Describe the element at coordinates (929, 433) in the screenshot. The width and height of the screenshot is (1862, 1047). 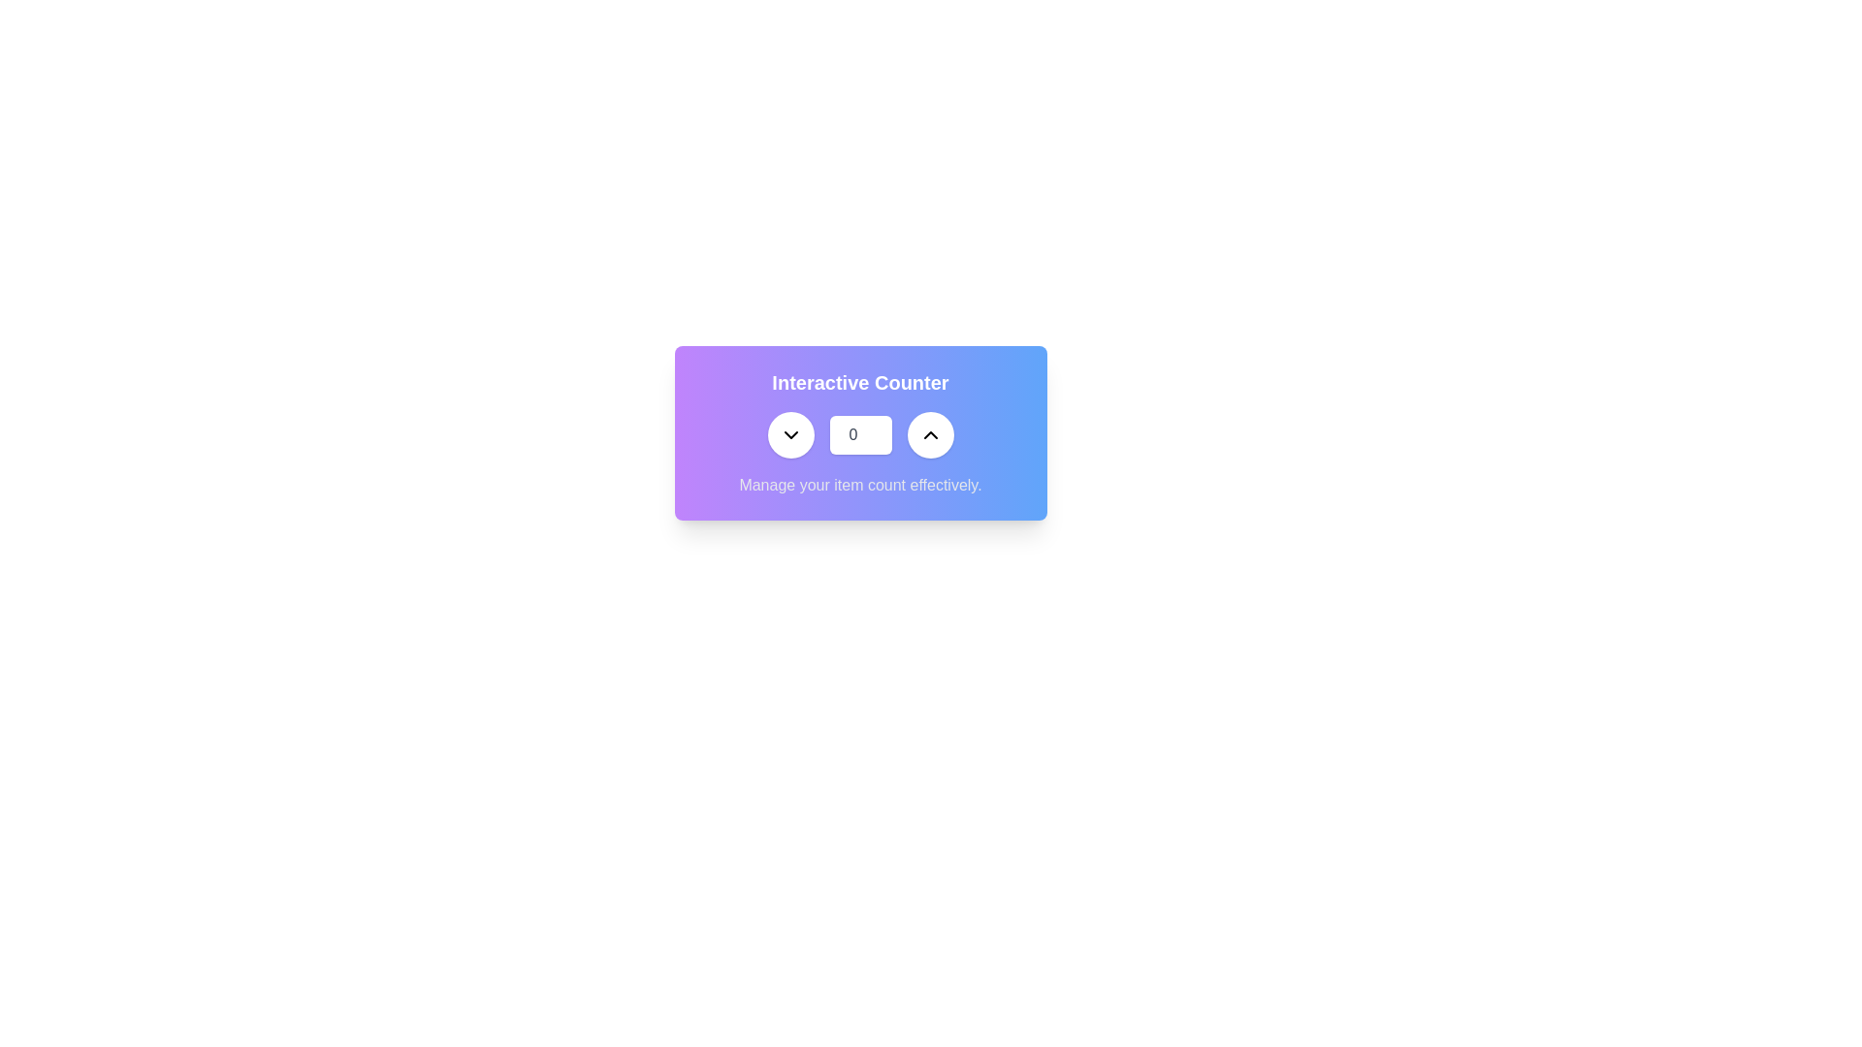
I see `the increment button with a chevron icon located to the right of the central numeric display in the 'Interactive Counter' card to increase the displayed value` at that location.